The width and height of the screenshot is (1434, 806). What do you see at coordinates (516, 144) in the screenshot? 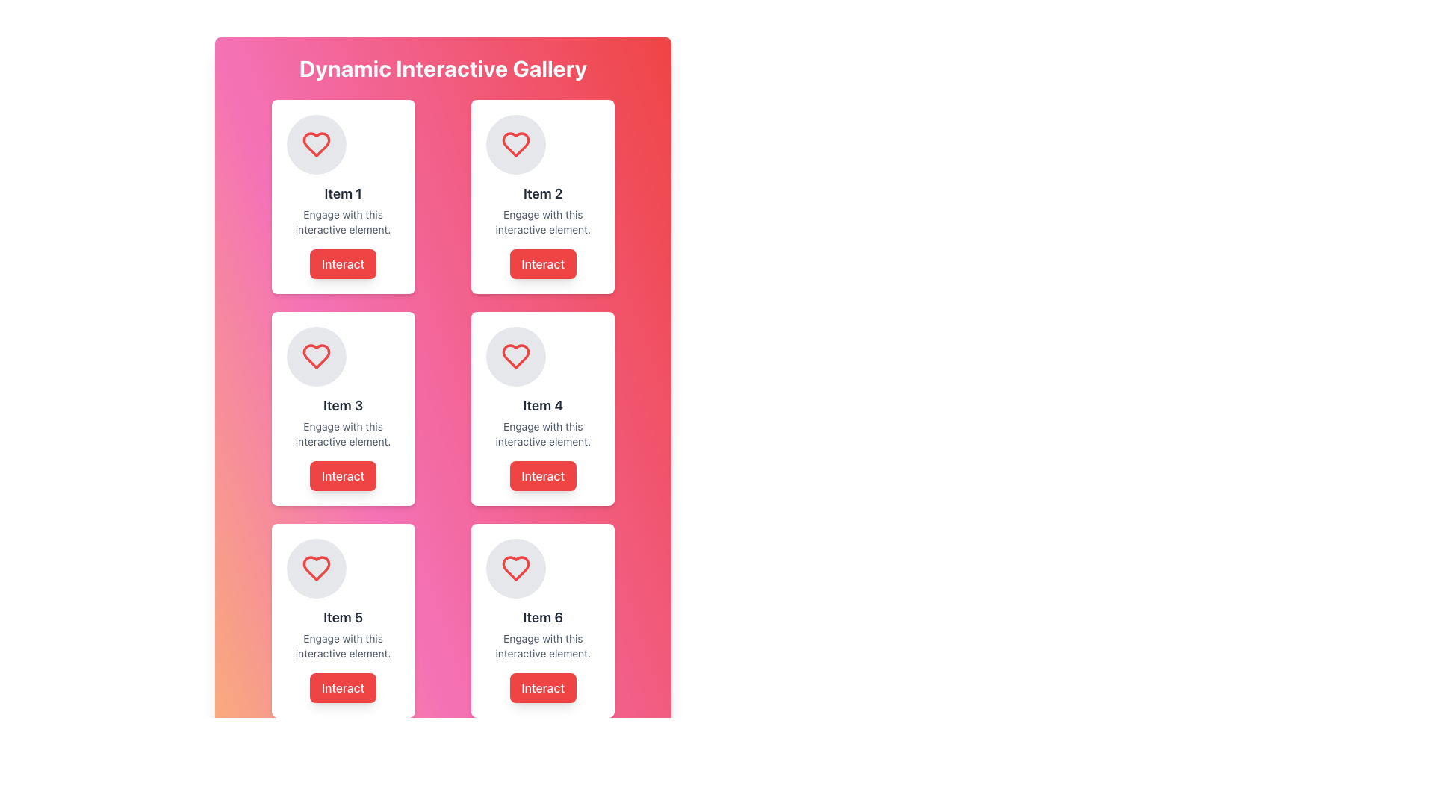
I see `the heart icon located at the top center of the card labeled 'Item 2', which indicates a 'like' or 'favorite' functionality` at bounding box center [516, 144].